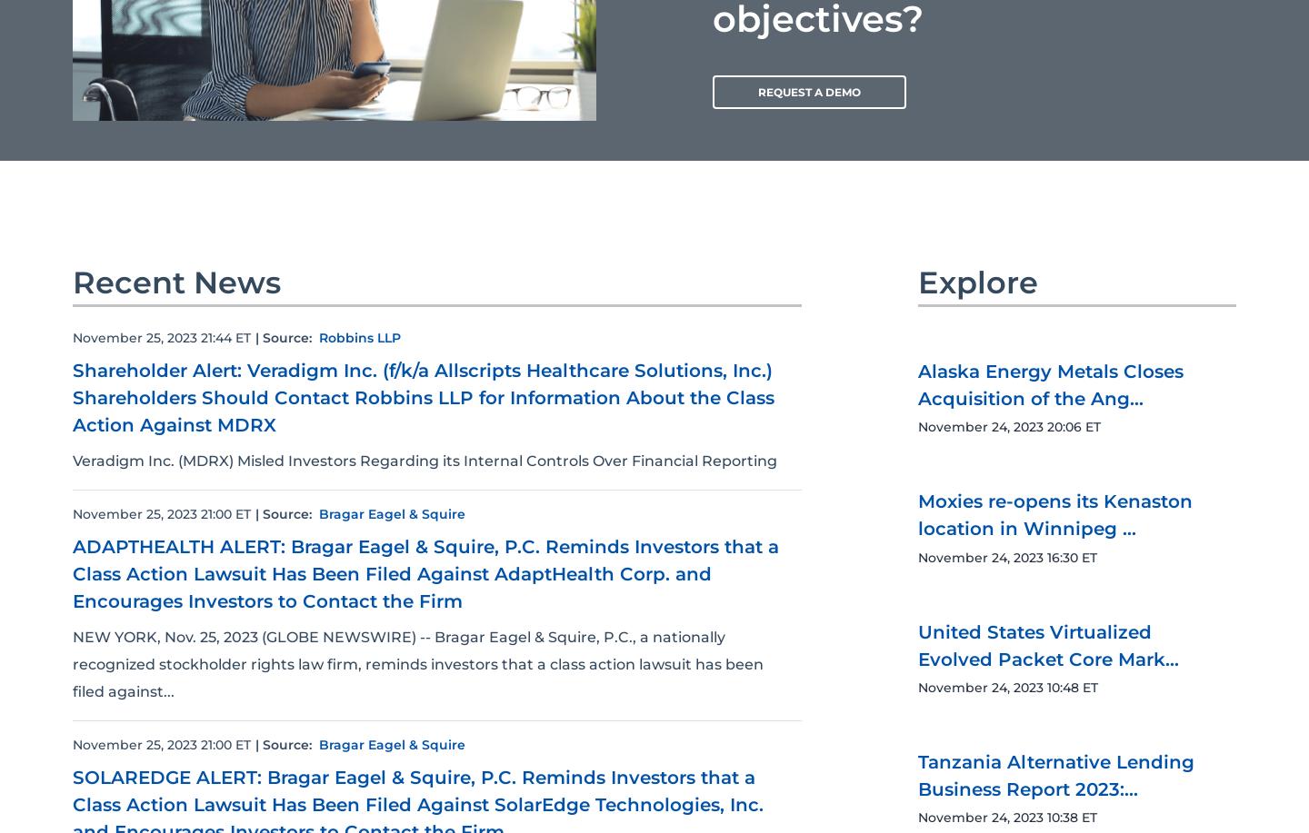 The width and height of the screenshot is (1309, 833). Describe the element at coordinates (423, 397) in the screenshot. I see `'Shareholder Alert: Veradigm Inc. (f/k/a Allscripts Healthcare Solutions, Inc.) Shareholders Should Contact Robbins LLP for Information About the Class Action Against MDRX'` at that location.